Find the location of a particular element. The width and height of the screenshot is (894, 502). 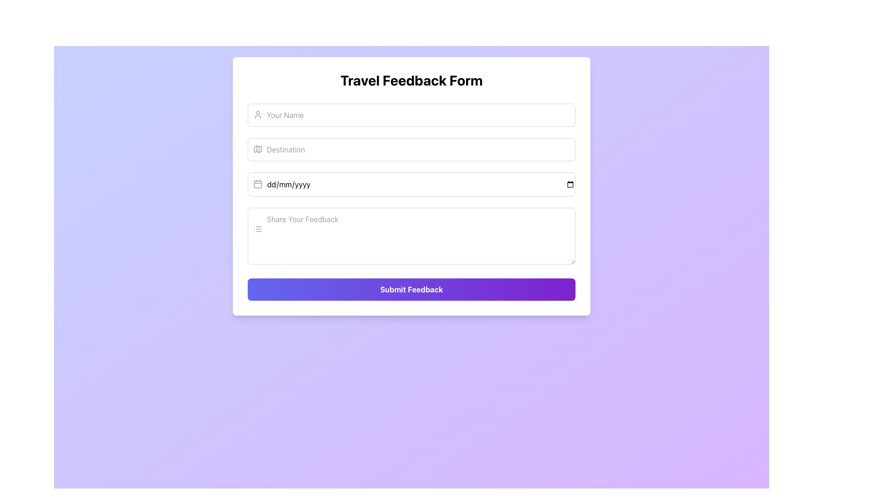

the decorative icon located to the left of the 'Share Your Feedback' input box in the top-left area of the feedback section is located at coordinates (257, 229).